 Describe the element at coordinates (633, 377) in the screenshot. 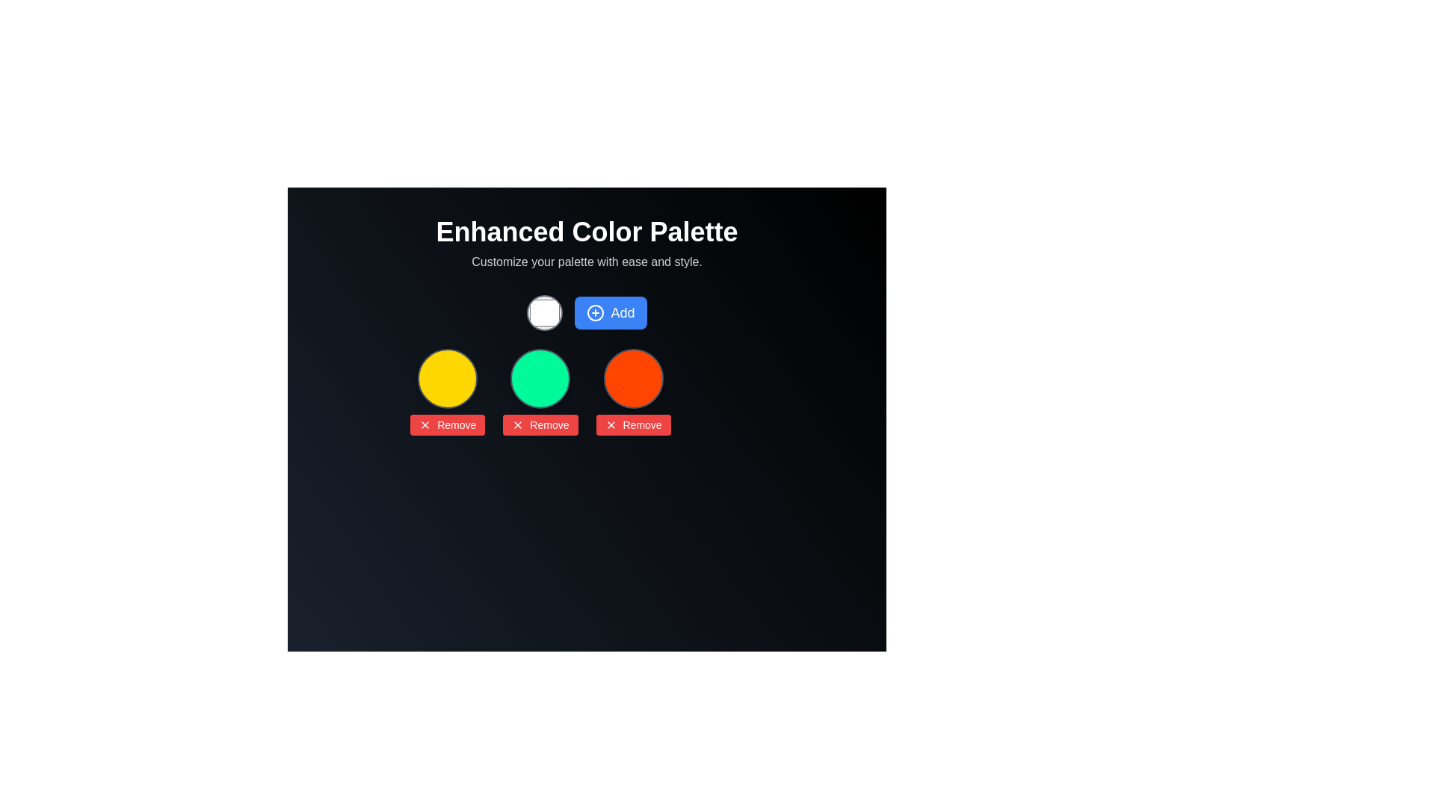

I see `the third circular color selector, which is bright orange with a gray border` at that location.